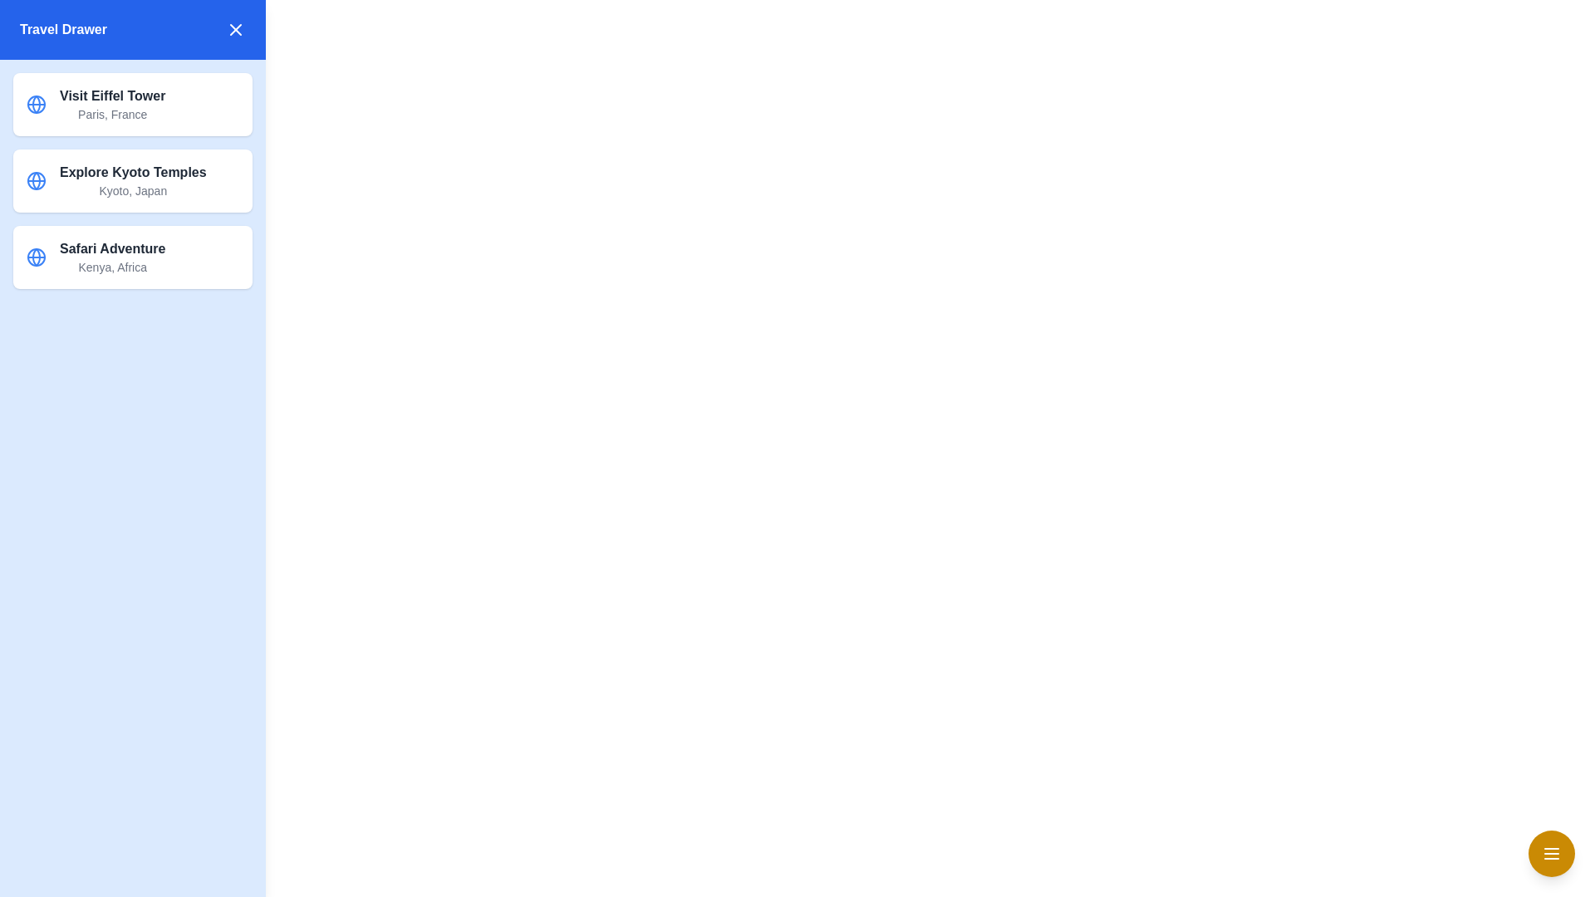 This screenshot has width=1595, height=897. I want to click on text label displaying 'Kenya, Africa', which is aligned beneath the 'Safari Adventure' header in the vertically stacked list of options, so click(111, 266).